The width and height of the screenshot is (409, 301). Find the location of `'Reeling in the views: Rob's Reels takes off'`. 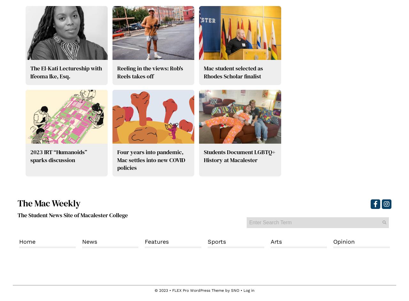

'Reeling in the views: Rob's Reels takes off' is located at coordinates (149, 72).